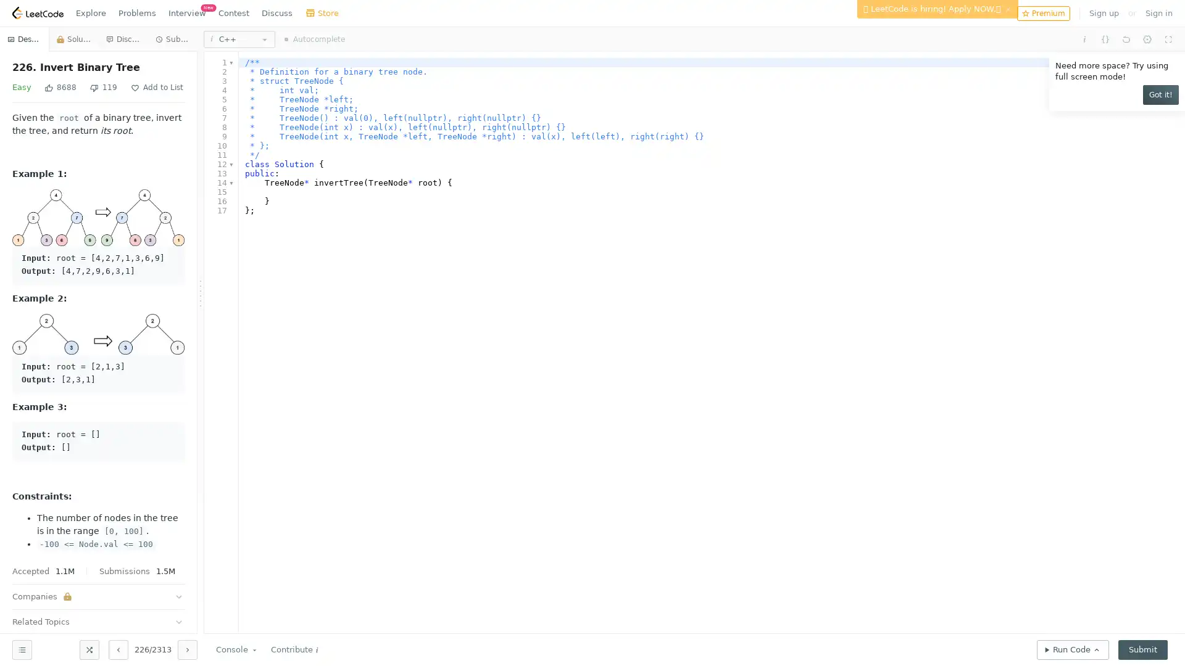 This screenshot has height=666, width=1185. I want to click on 8688, so click(59, 87).